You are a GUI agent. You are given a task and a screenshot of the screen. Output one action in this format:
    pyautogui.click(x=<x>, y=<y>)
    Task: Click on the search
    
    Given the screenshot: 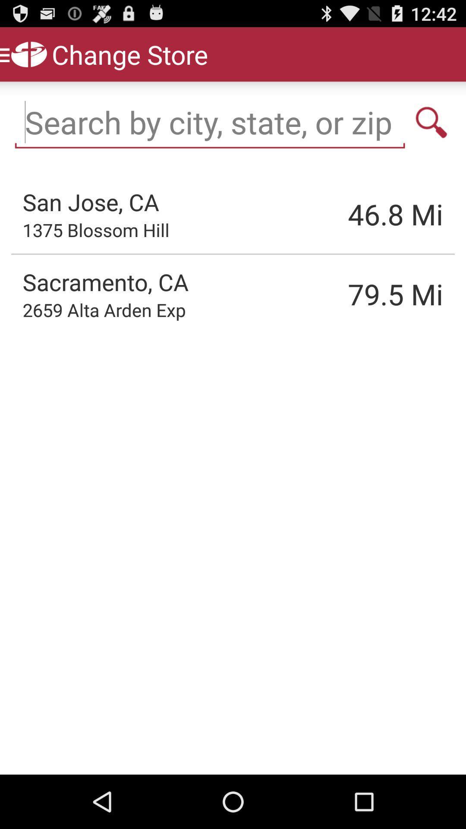 What is the action you would take?
    pyautogui.click(x=431, y=122)
    